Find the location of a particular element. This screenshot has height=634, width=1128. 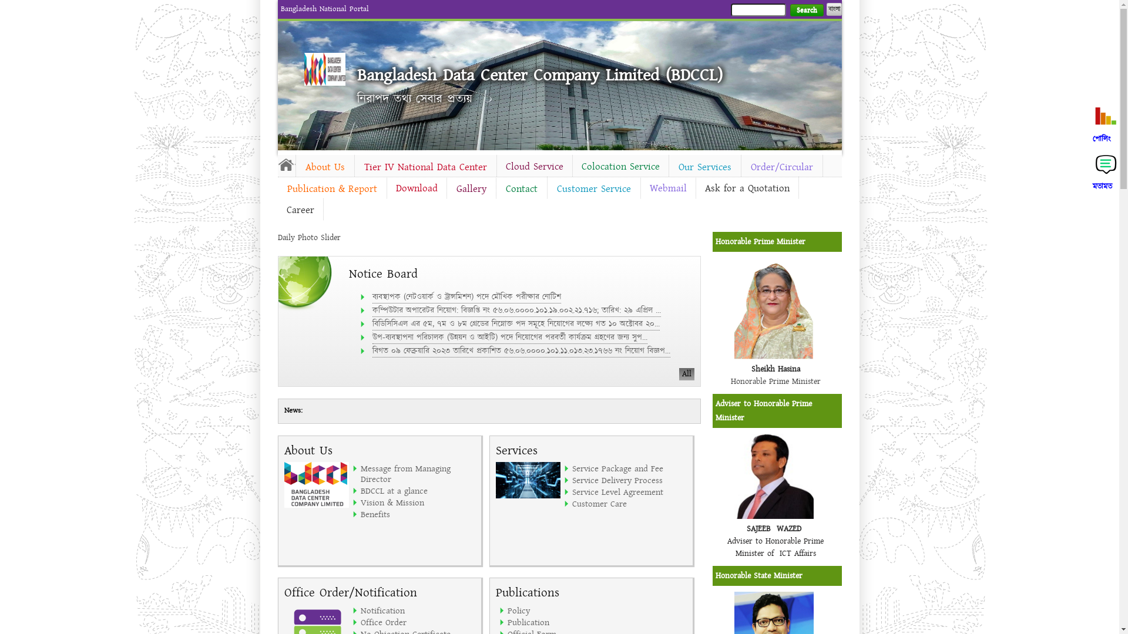

'Bangladesh Data Center Company Limited (BDCCL)' is located at coordinates (539, 75).